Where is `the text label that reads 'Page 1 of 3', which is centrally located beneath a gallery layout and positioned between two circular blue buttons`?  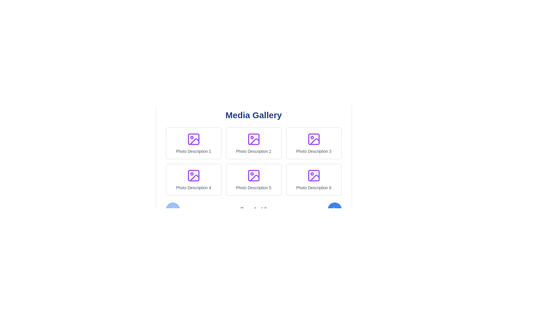
the text label that reads 'Page 1 of 3', which is centrally located beneath a gallery layout and positioned between two circular blue buttons is located at coordinates (254, 209).